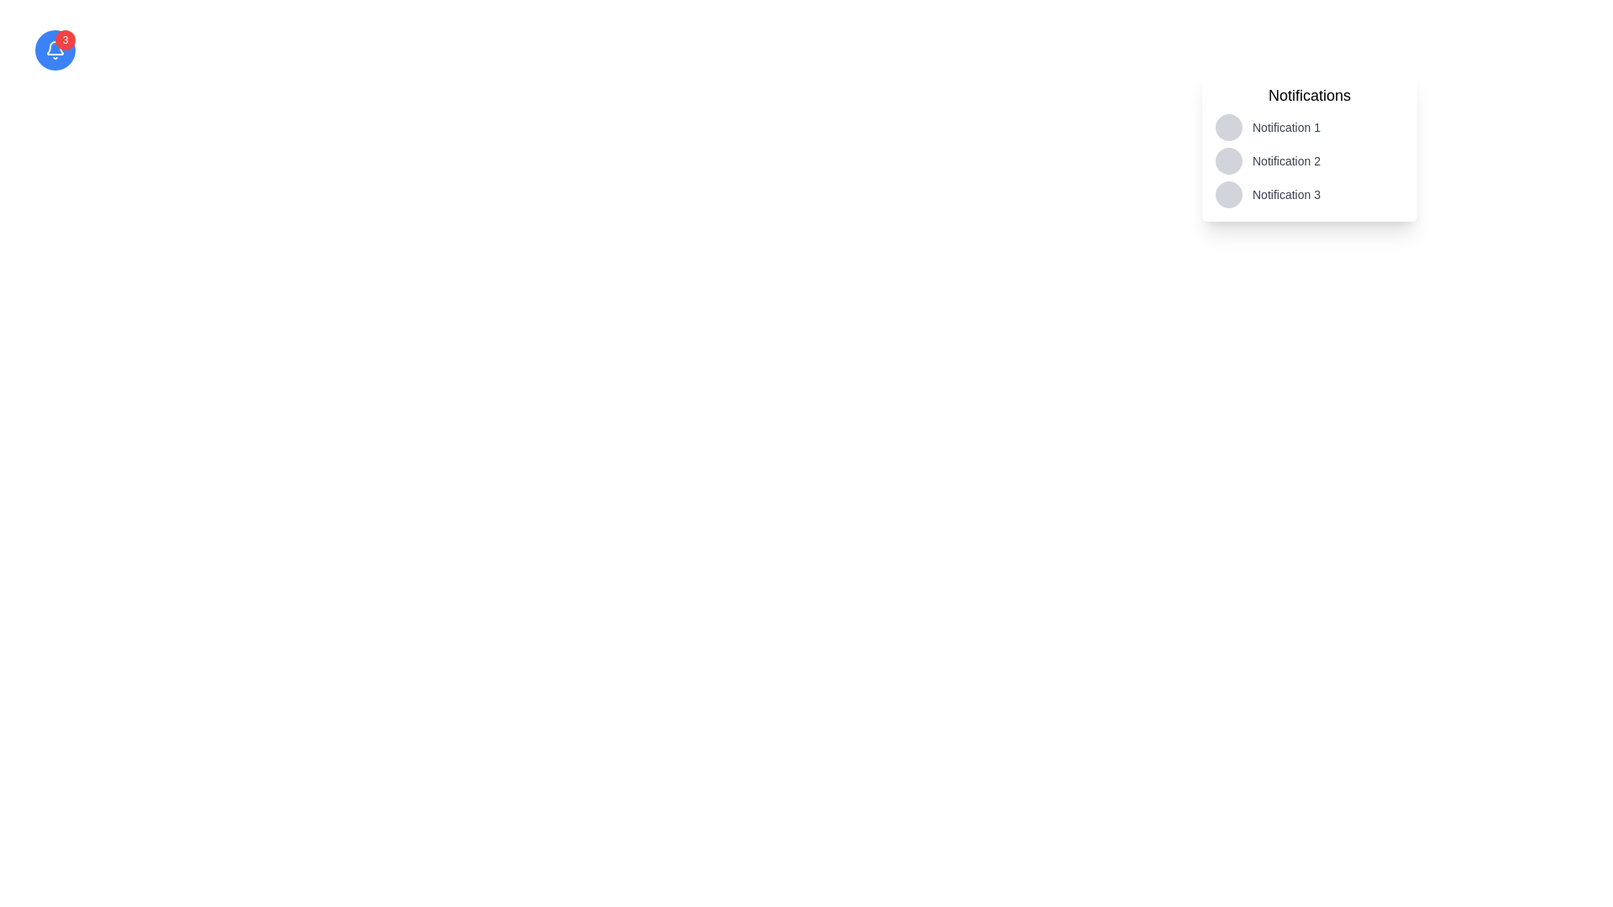 The width and height of the screenshot is (1613, 907). I want to click on text of the first notification item labeled 'Notification 1' in the notification panel, so click(1309, 126).